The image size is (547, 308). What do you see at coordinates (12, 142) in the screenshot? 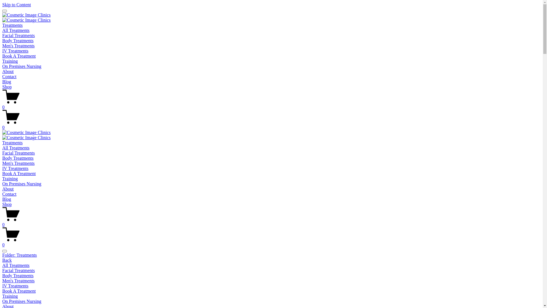
I see `'Treatments'` at bounding box center [12, 142].